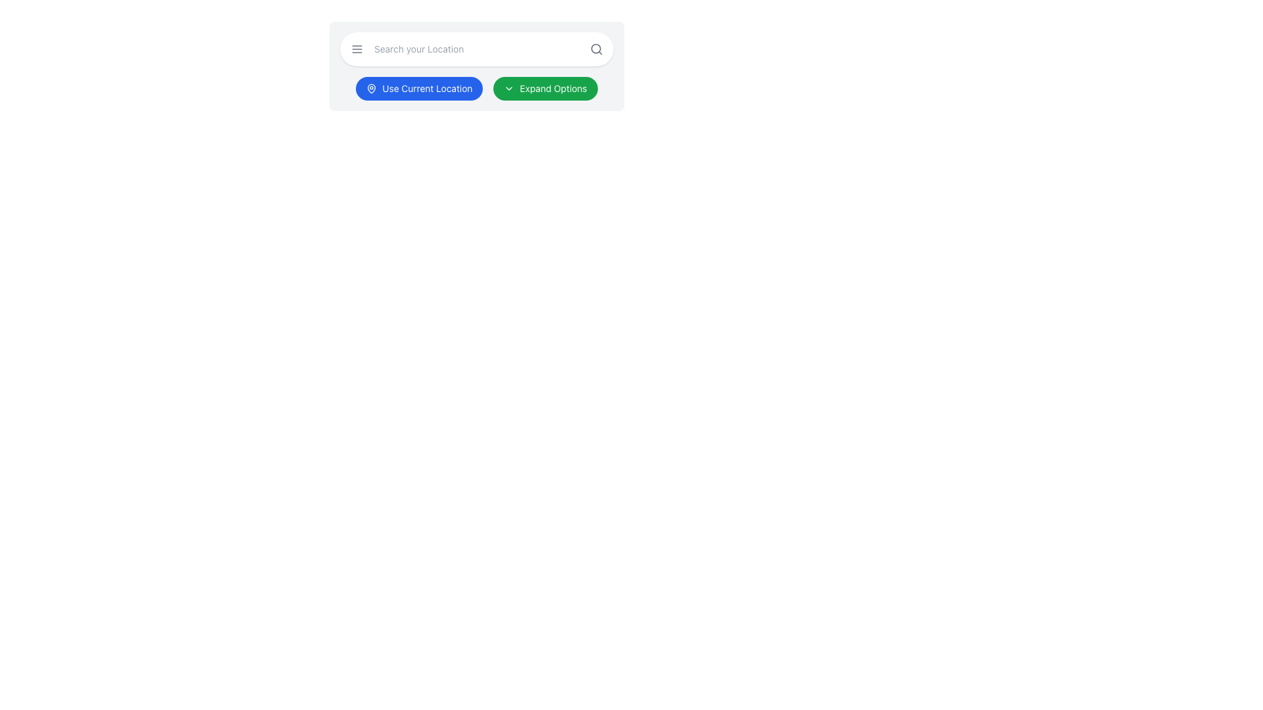 This screenshot has height=710, width=1263. Describe the element at coordinates (545, 89) in the screenshot. I see `the second button in the toolbar section` at that location.